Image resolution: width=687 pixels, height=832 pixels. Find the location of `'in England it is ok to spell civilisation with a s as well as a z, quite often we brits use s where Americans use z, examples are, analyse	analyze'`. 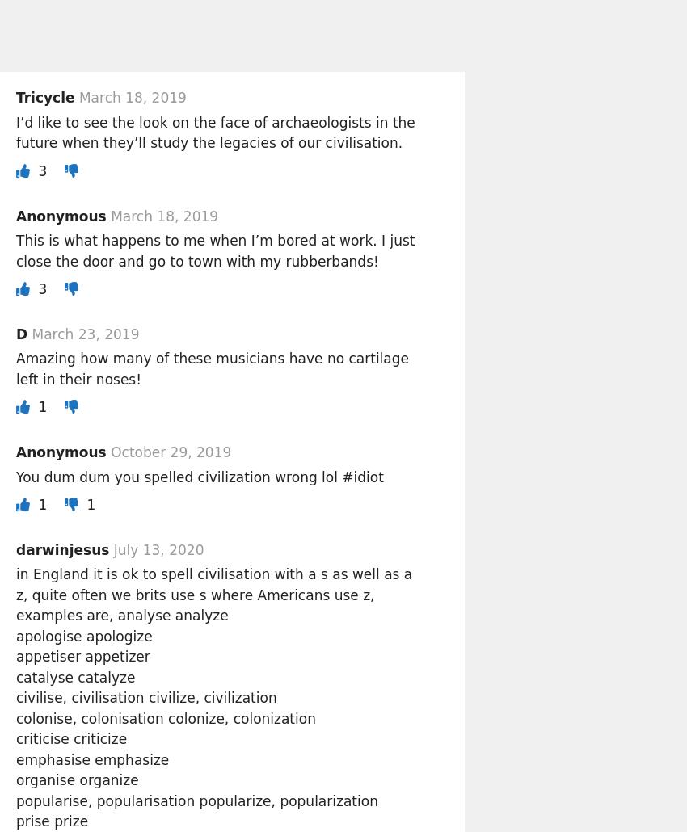

'in England it is ok to spell civilisation with a s as well as a z, quite often we brits use s where Americans use z, examples are, analyse	analyze' is located at coordinates (213, 595).